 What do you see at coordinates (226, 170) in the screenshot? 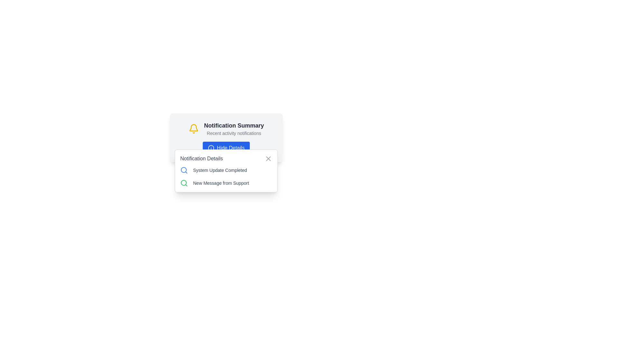
I see `the notification indicating that a system update has been completed` at bounding box center [226, 170].